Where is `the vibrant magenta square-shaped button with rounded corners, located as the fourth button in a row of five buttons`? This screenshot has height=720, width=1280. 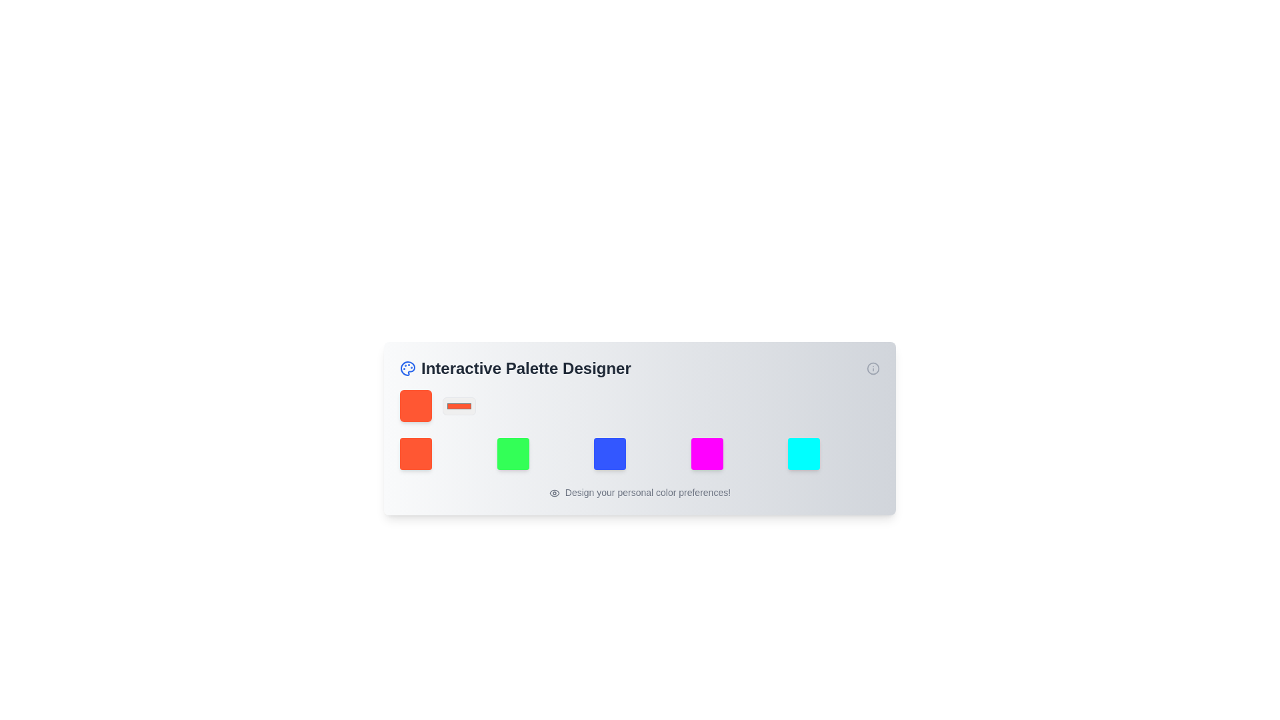
the vibrant magenta square-shaped button with rounded corners, located as the fourth button in a row of five buttons is located at coordinates (706, 453).